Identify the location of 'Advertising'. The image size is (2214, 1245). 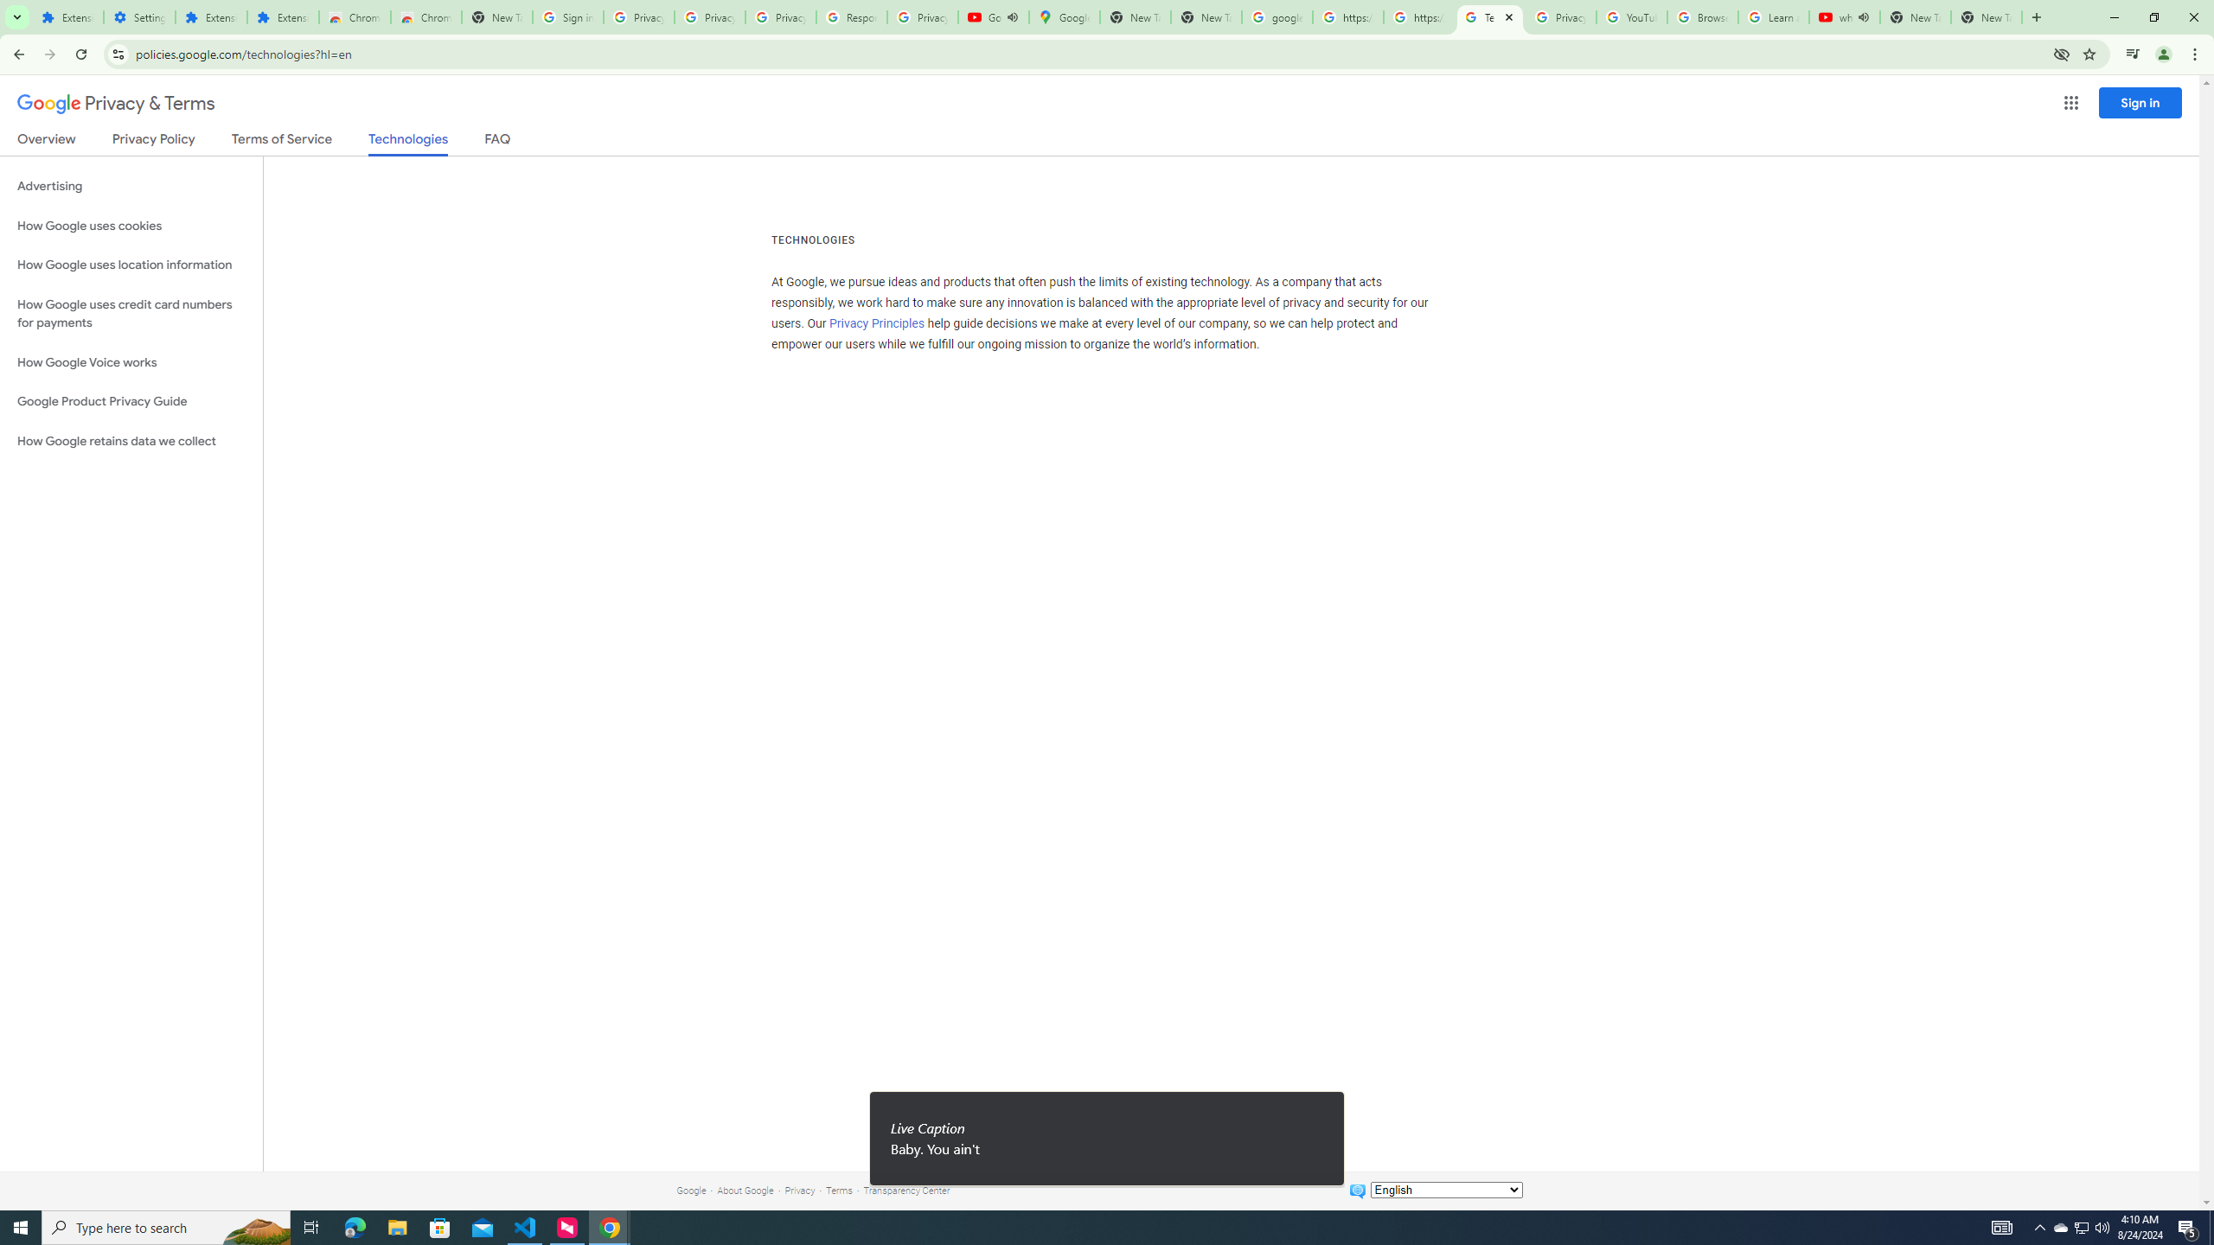
(131, 186).